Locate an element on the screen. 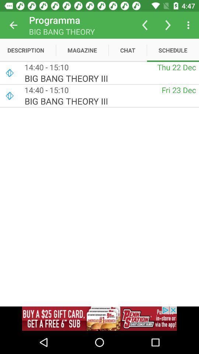 Image resolution: width=199 pixels, height=354 pixels. advertisement is located at coordinates (99, 318).